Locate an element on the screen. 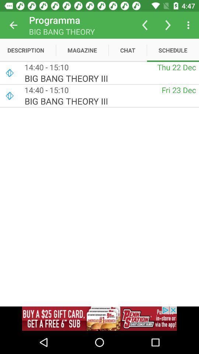 Image resolution: width=199 pixels, height=354 pixels. advertisement is located at coordinates (99, 318).